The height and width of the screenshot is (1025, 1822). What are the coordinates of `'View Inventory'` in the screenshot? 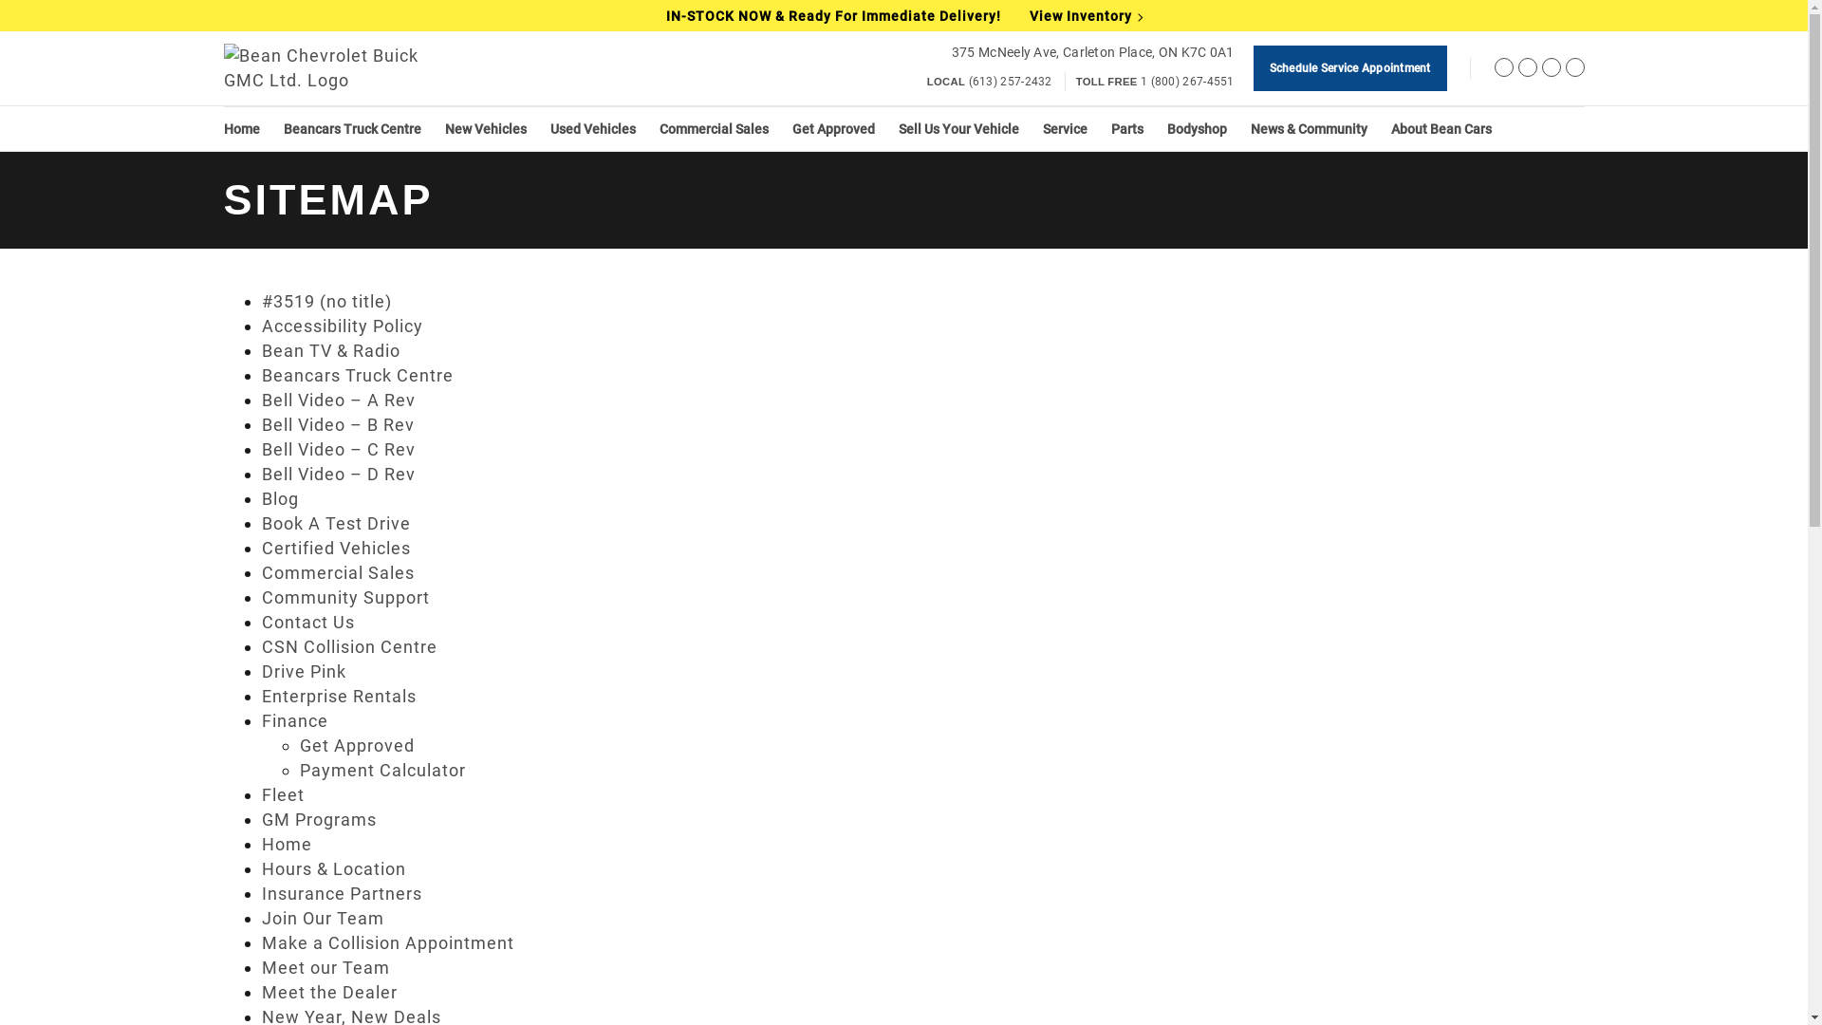 It's located at (1028, 15).